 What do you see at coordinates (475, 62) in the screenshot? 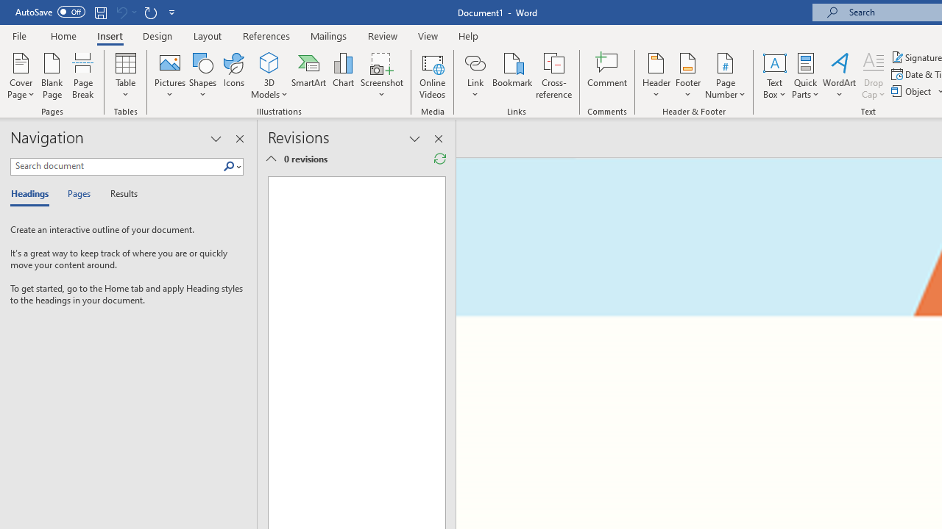
I see `'Link'` at bounding box center [475, 62].